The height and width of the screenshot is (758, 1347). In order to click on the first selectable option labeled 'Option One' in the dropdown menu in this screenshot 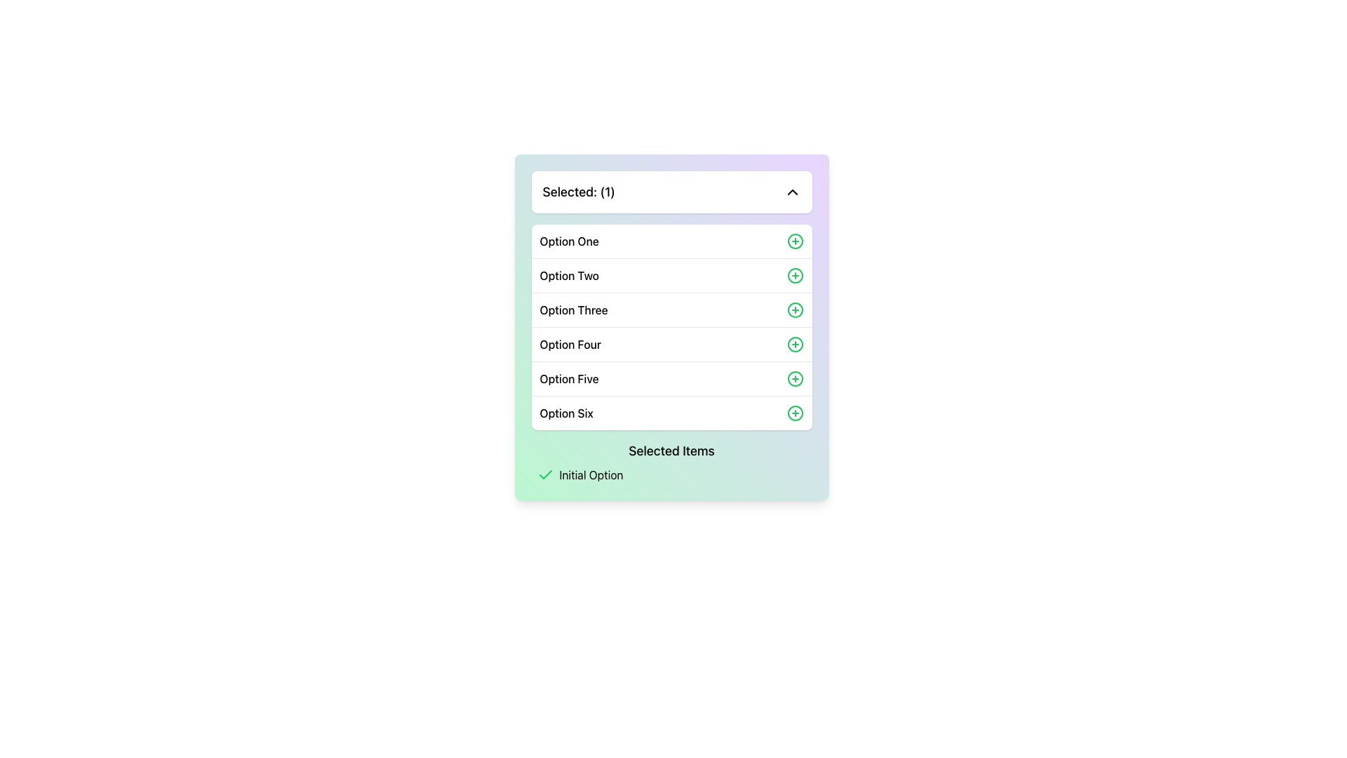, I will do `click(671, 240)`.